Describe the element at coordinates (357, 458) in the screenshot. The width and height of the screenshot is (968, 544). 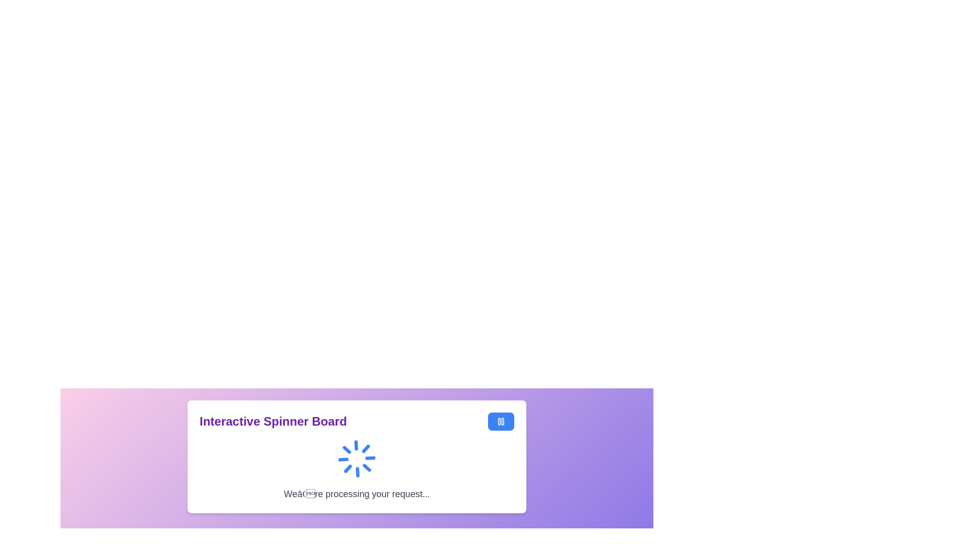
I see `the Loading Spinner, which is a circular spinner with blue and white arcs, located centrally within the panel under the title 'Interactive Spinner Board'` at that location.